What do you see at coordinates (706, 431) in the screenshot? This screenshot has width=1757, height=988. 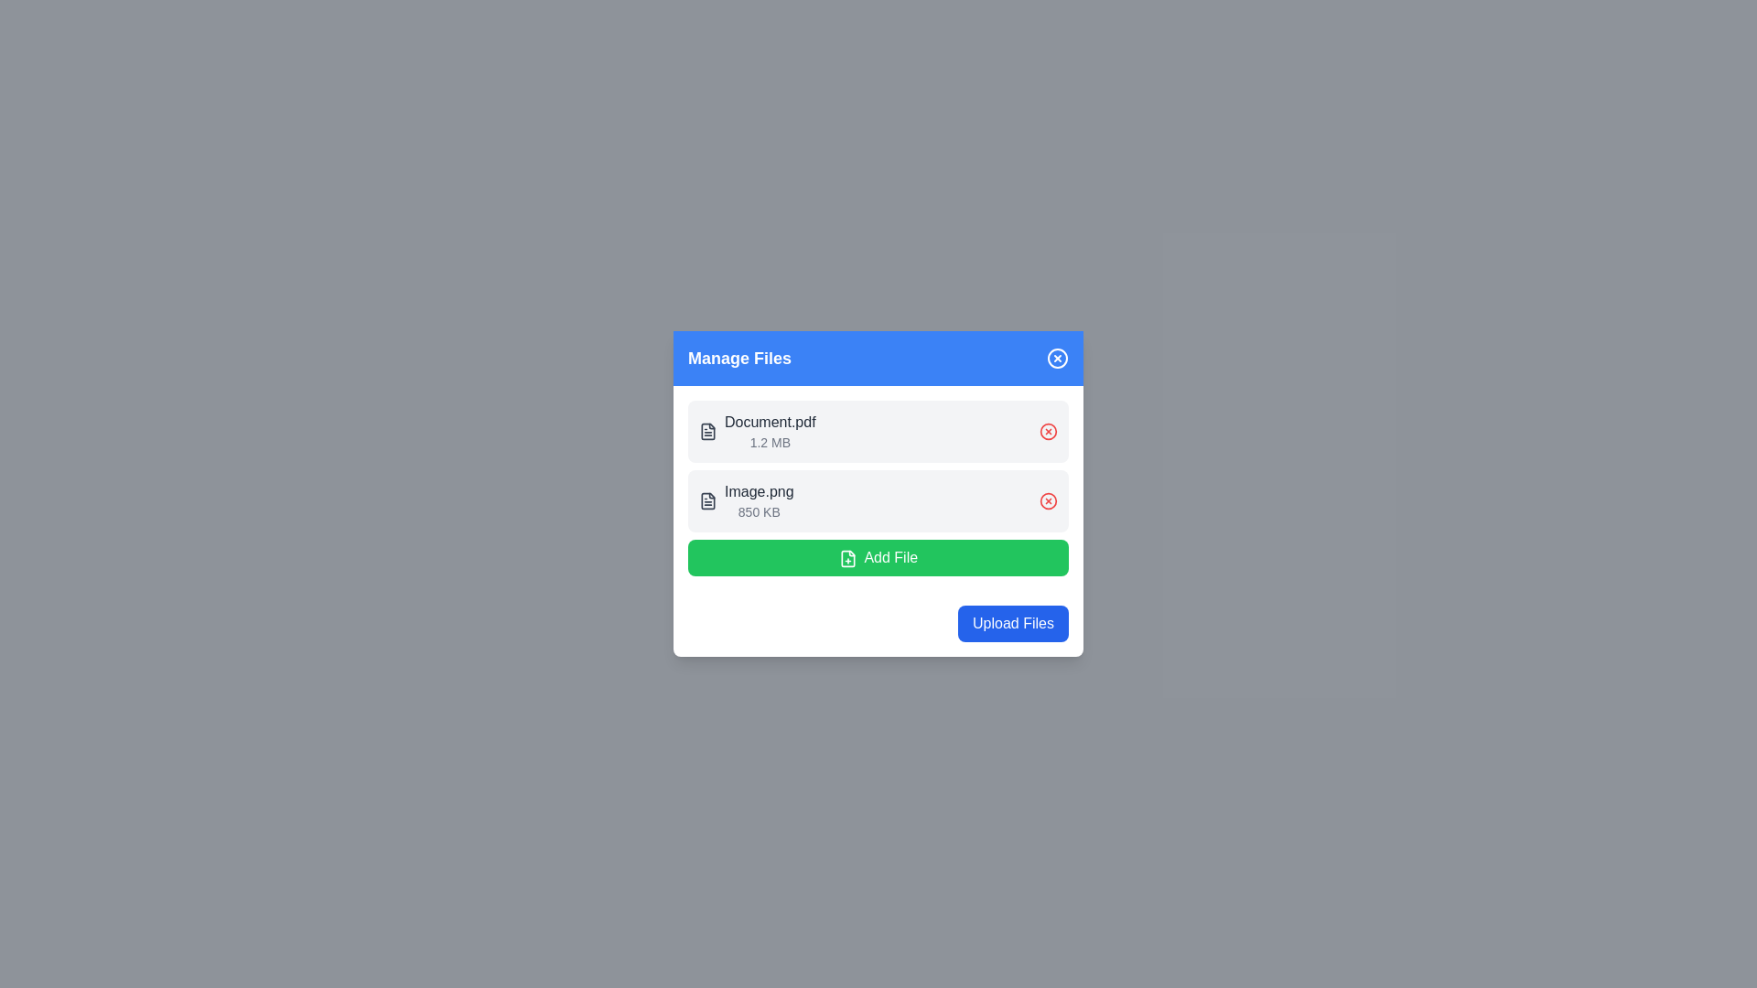 I see `the gray outlined document icon in the file list for 'Document.pdf'` at bounding box center [706, 431].